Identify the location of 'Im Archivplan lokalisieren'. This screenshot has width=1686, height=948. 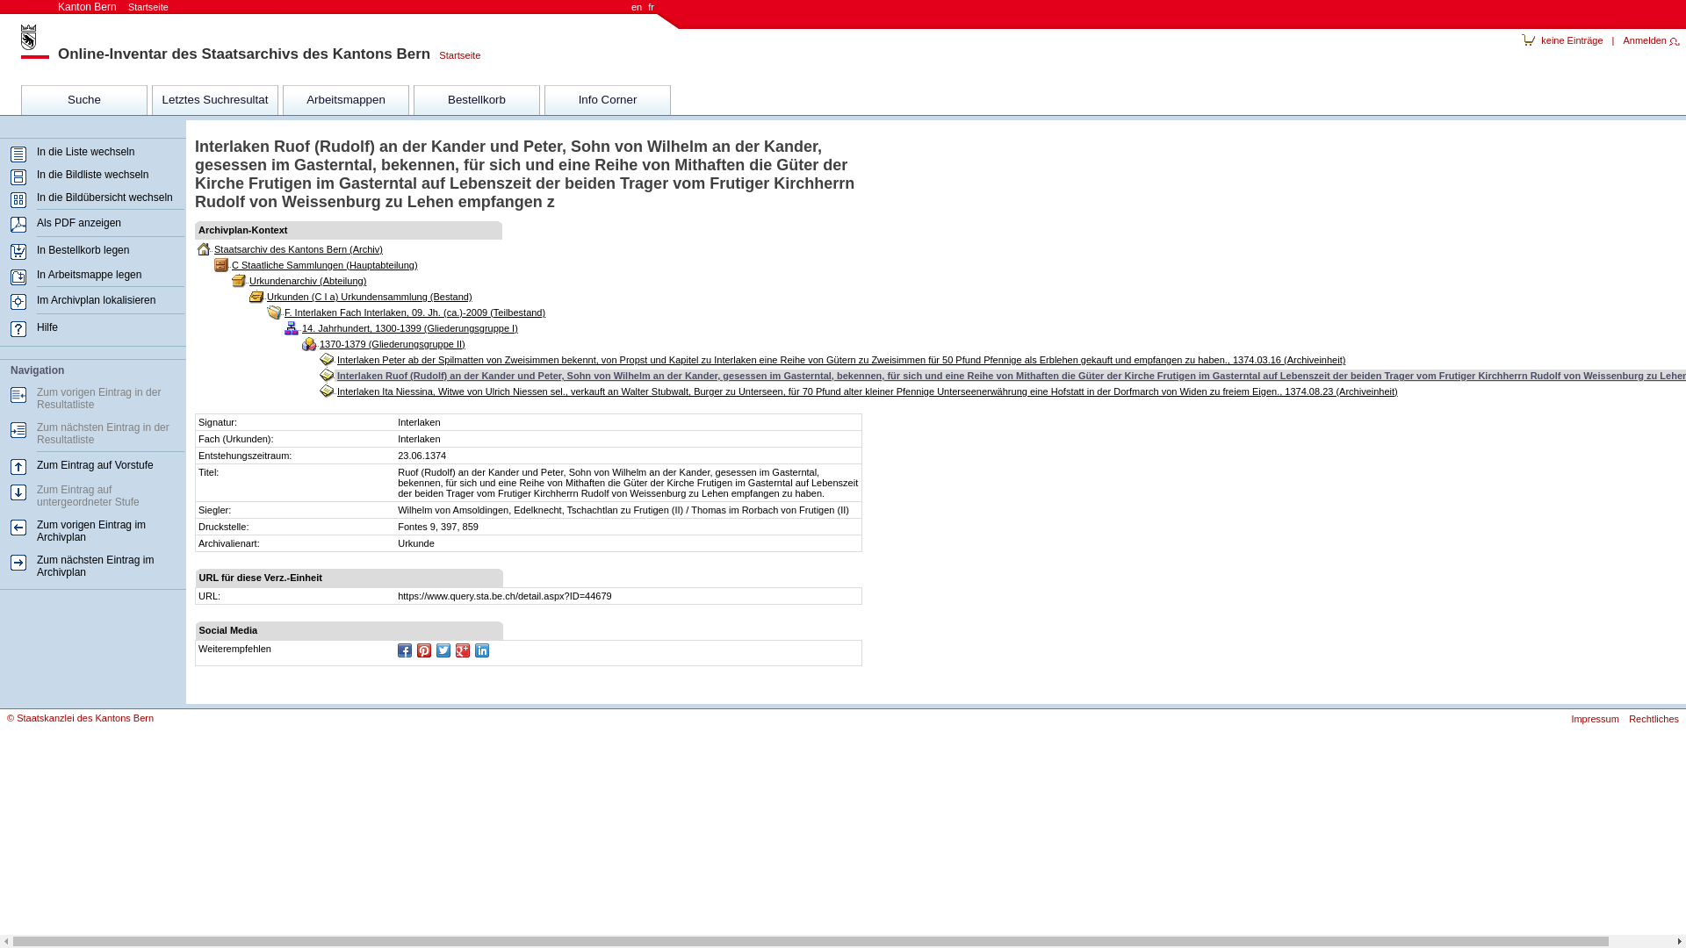
(37, 299).